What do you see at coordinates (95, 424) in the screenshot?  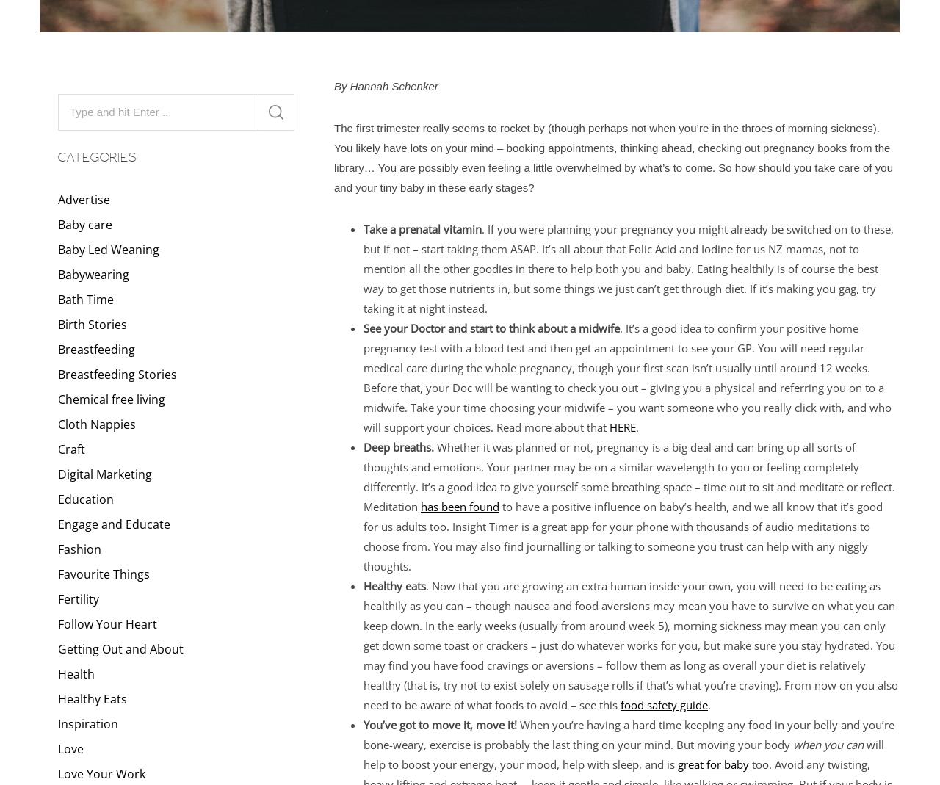 I see `'Cloth Nappies'` at bounding box center [95, 424].